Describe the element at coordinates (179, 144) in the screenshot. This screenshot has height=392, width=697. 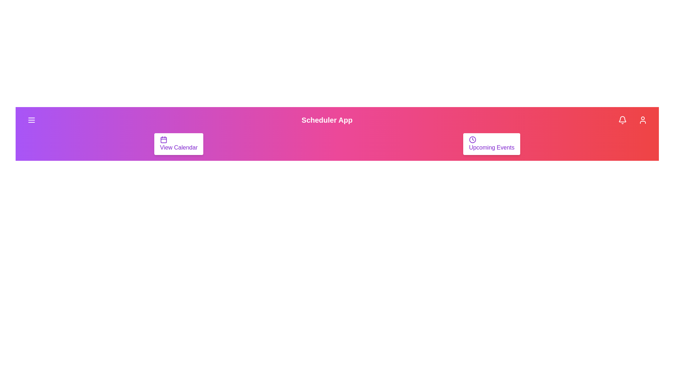
I see `the 'View Calendar' button to open the calendar view` at that location.